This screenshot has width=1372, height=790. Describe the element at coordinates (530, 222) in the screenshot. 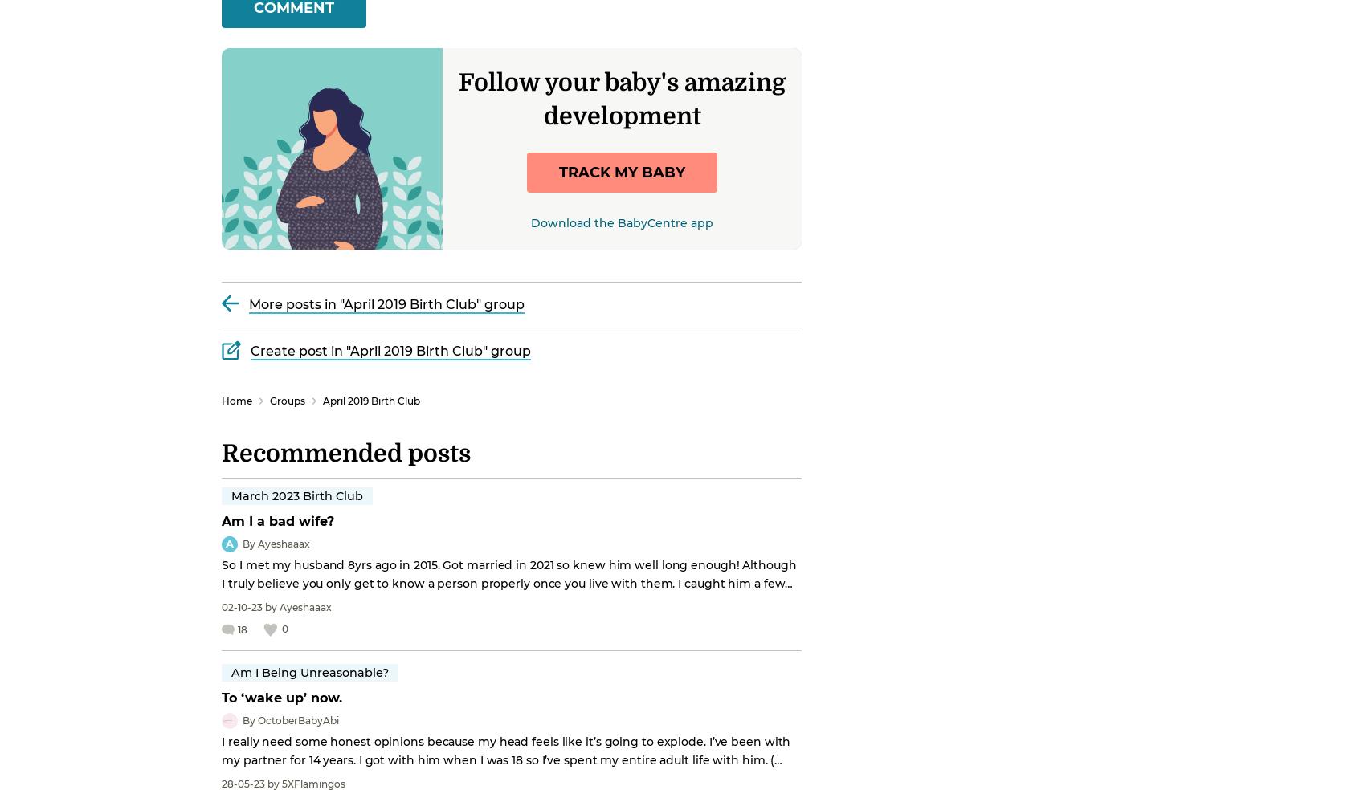

I see `'Download the BabyCentre app'` at that location.